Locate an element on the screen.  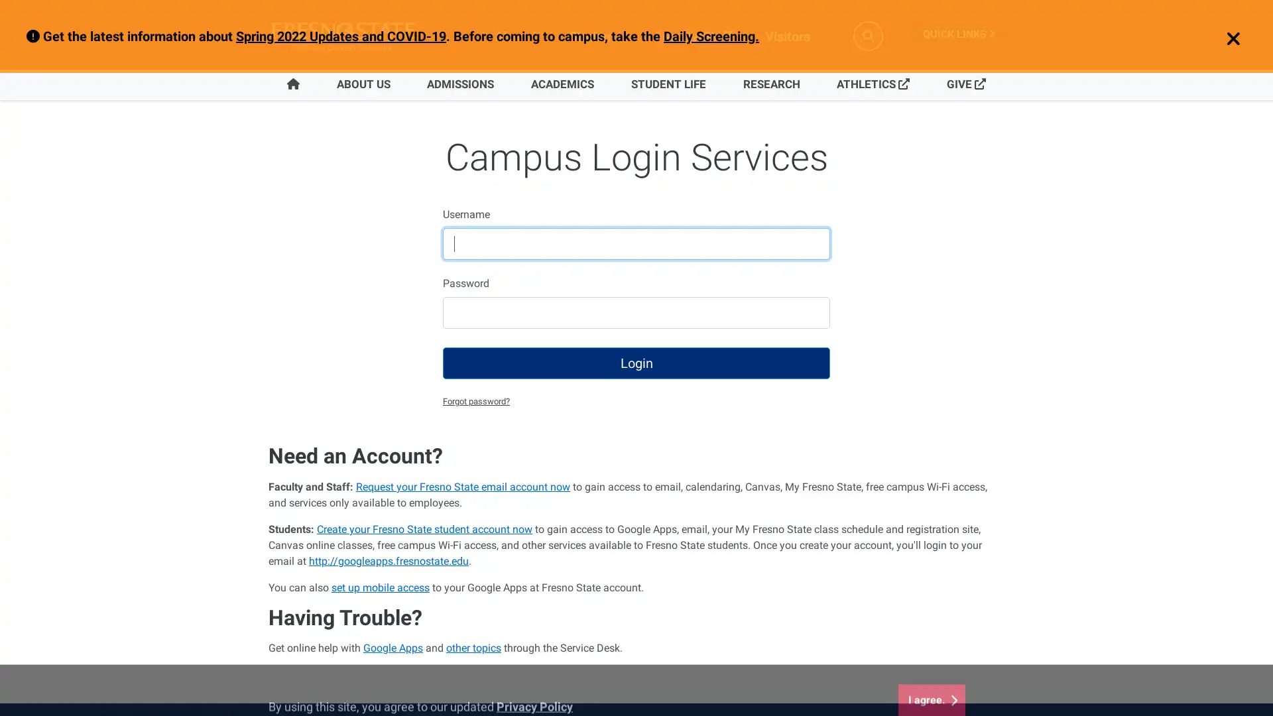
Search is located at coordinates (868, 35).